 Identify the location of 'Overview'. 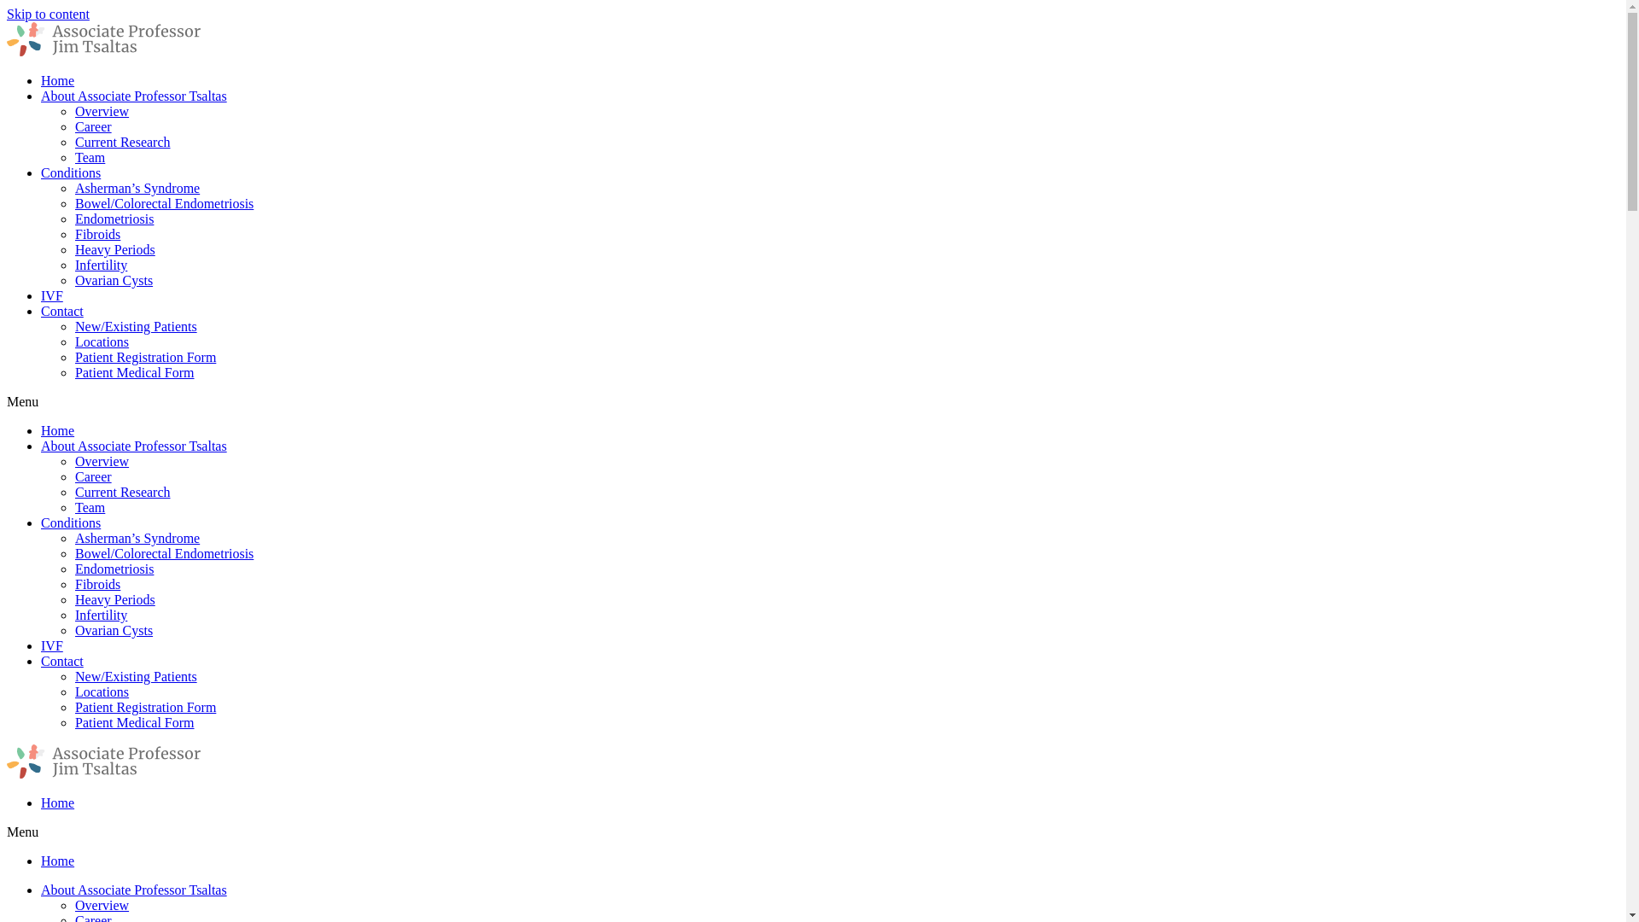
(73, 461).